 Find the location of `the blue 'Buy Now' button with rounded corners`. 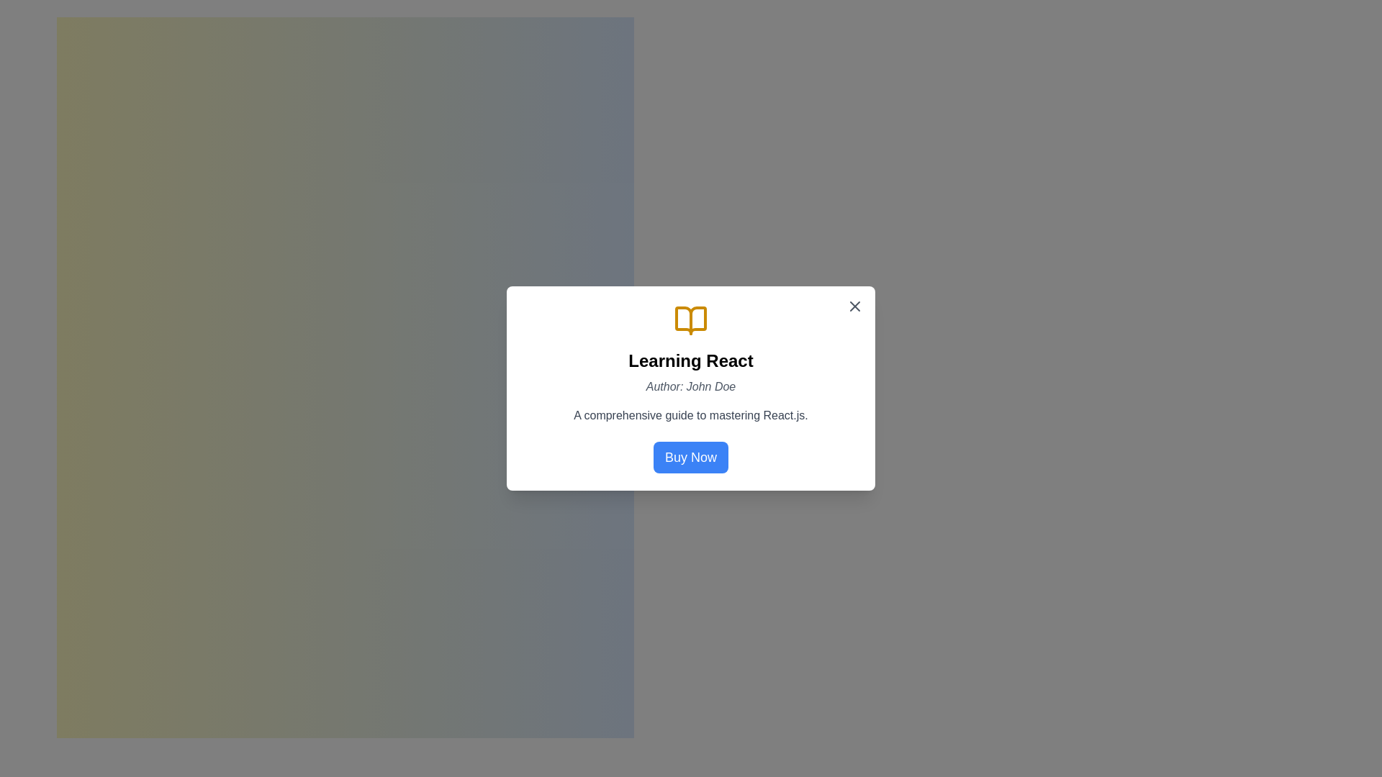

the blue 'Buy Now' button with rounded corners is located at coordinates (691, 458).